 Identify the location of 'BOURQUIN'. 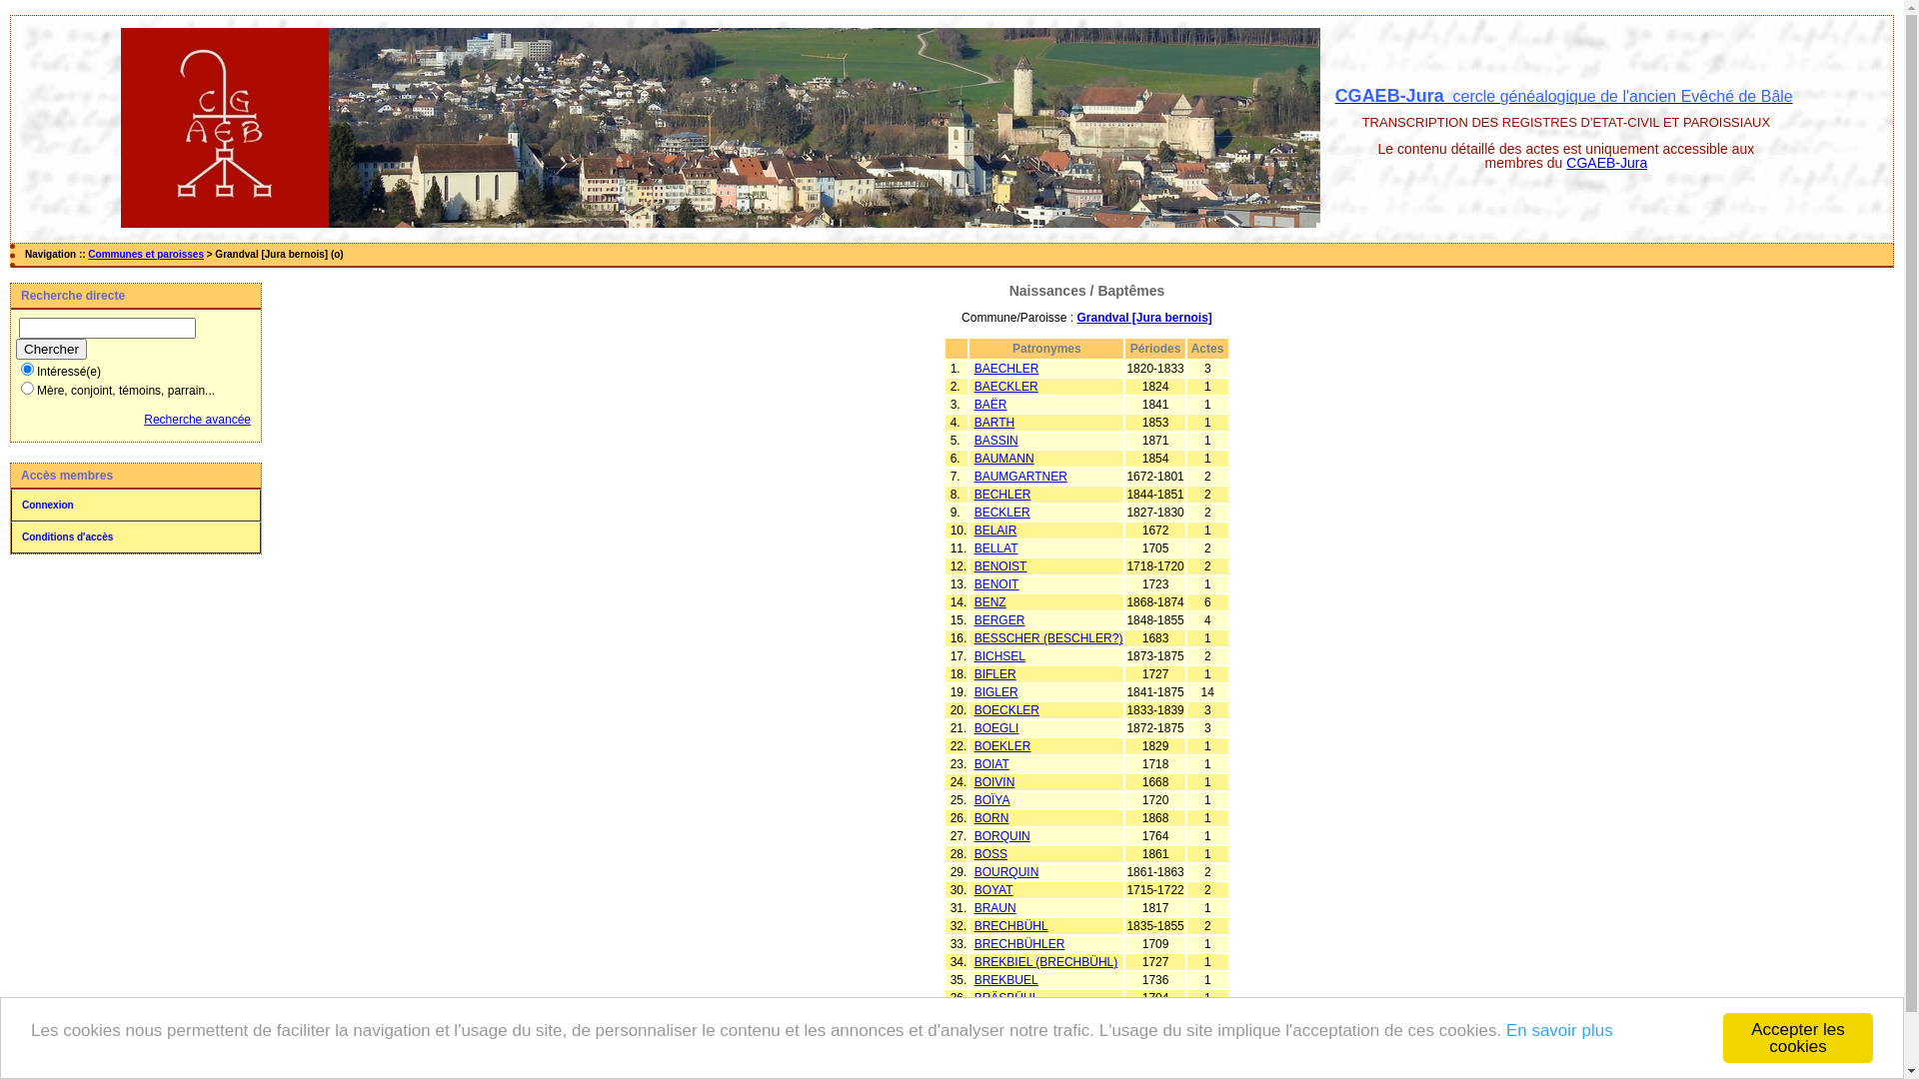
(1006, 870).